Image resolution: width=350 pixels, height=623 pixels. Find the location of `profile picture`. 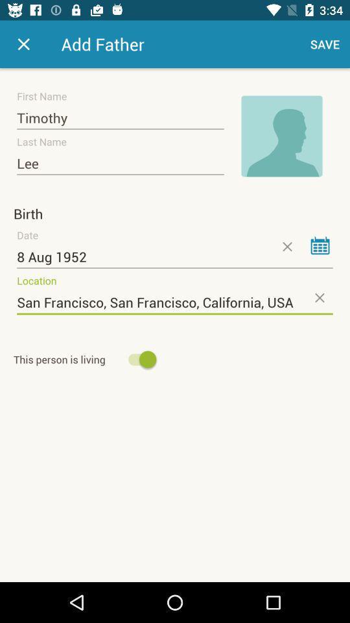

profile picture is located at coordinates (281, 136).